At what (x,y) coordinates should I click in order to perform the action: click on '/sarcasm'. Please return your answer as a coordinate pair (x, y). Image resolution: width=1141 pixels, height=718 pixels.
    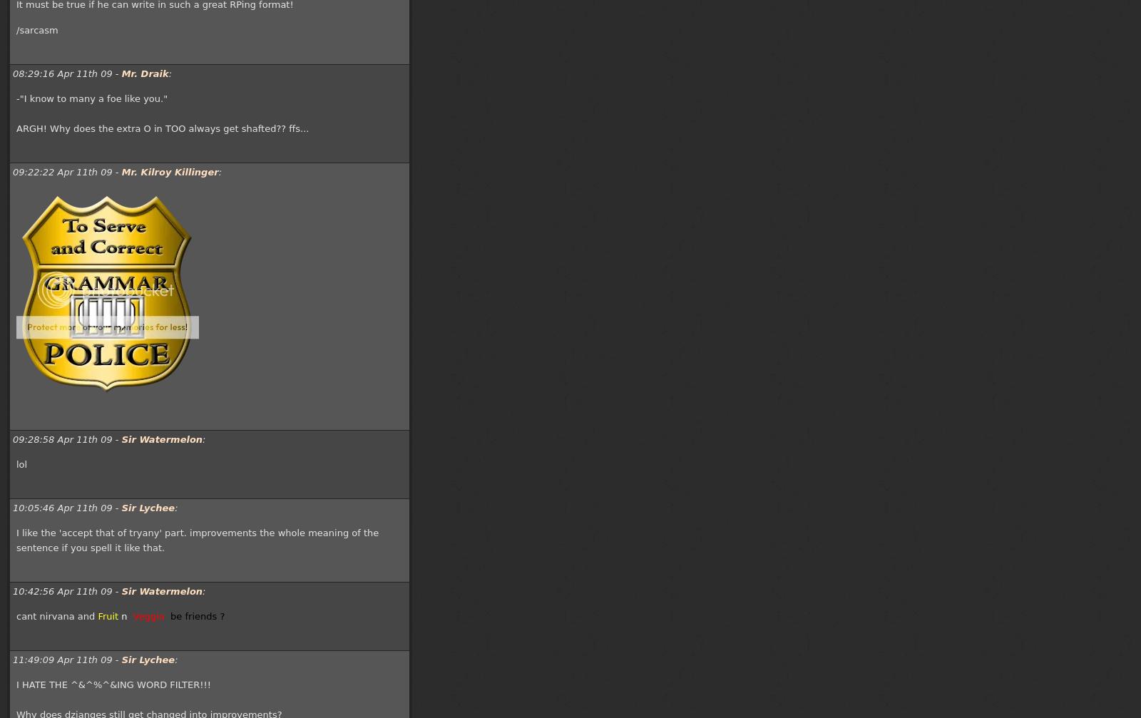
    Looking at the image, I should click on (16, 30).